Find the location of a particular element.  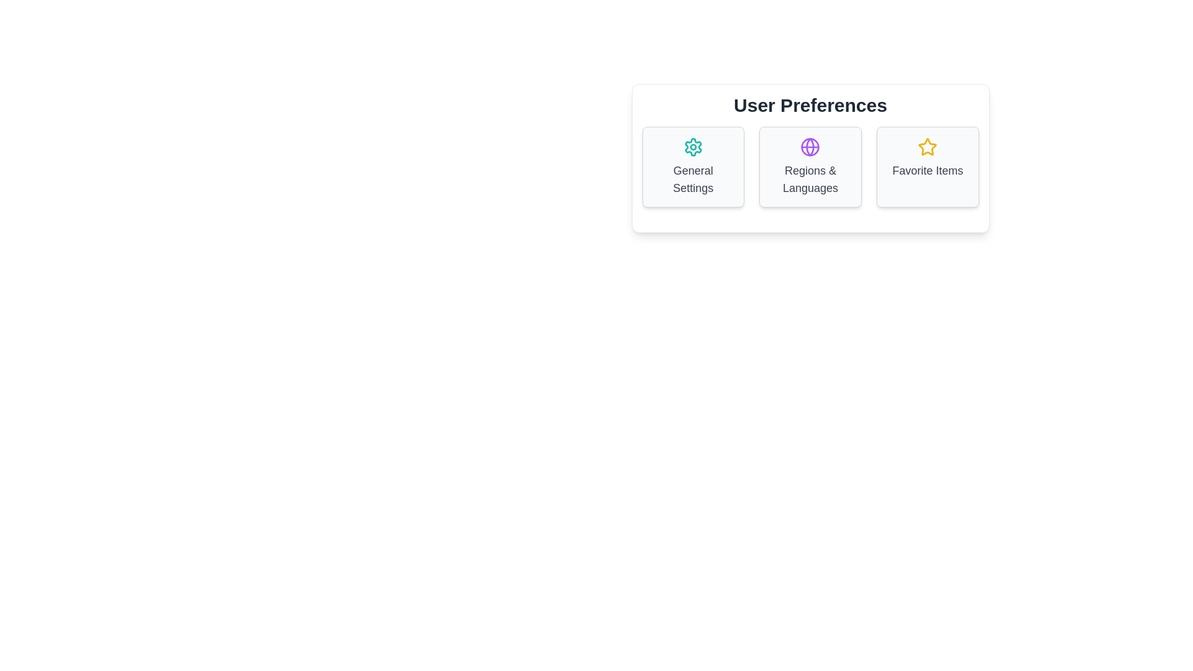

the 'Favorite Items' button to select it is located at coordinates (928, 167).